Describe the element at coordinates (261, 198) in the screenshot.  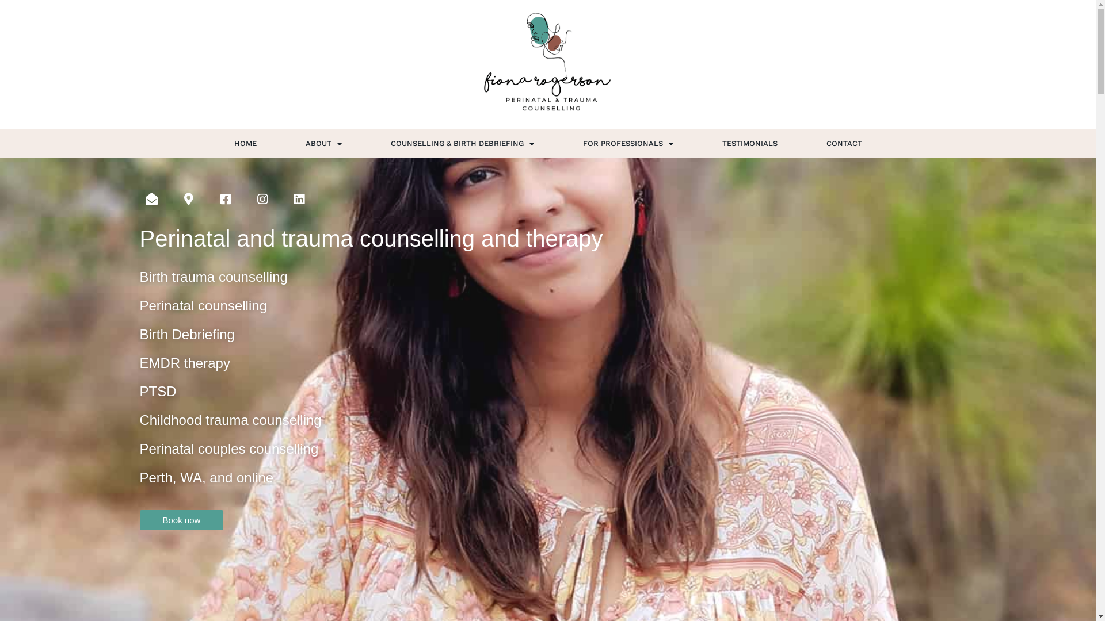
I see `'Instagram'` at that location.